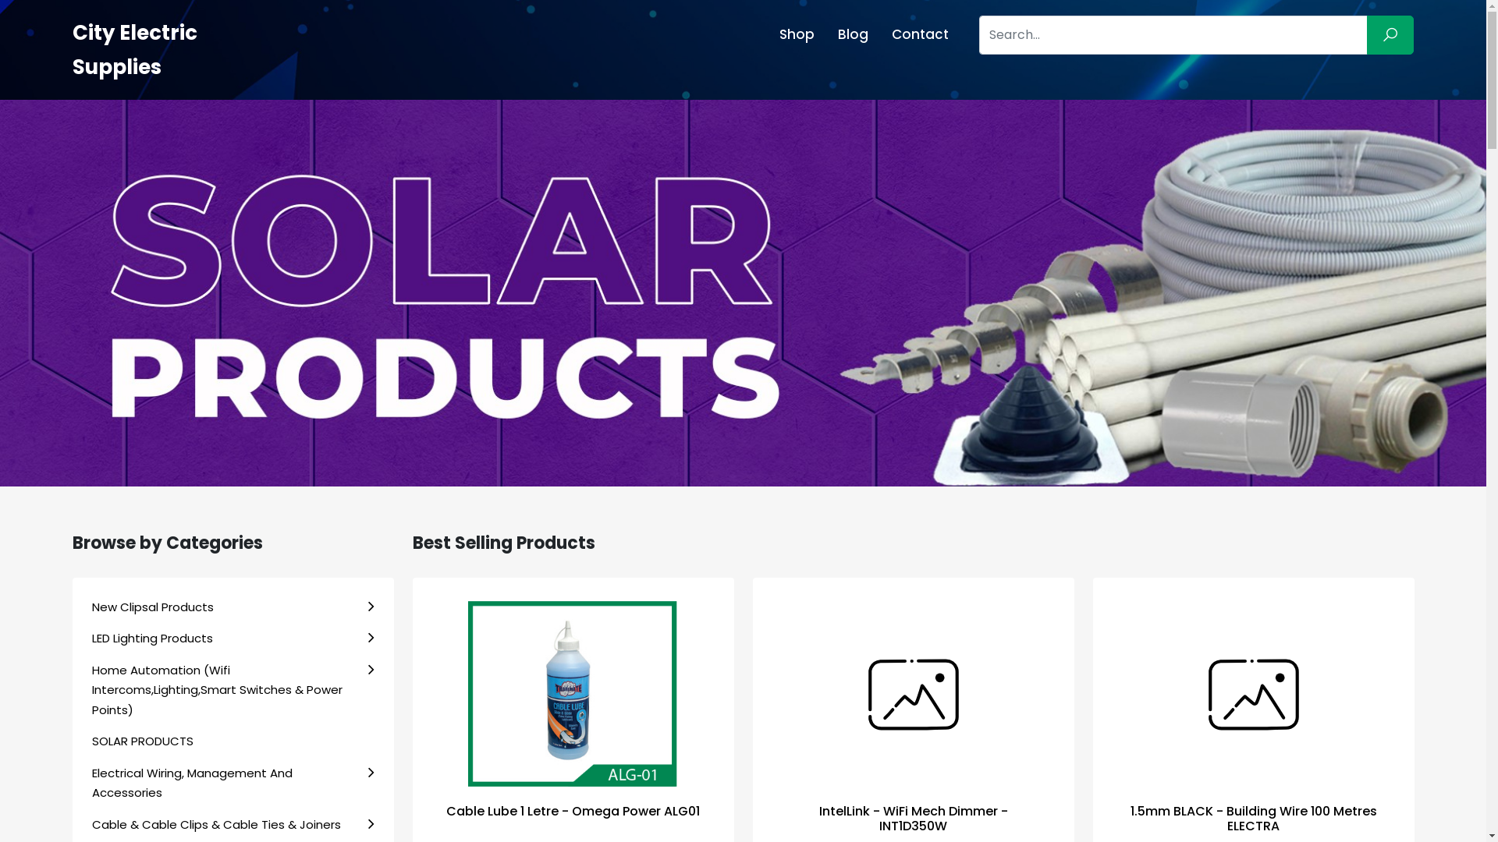 This screenshot has height=842, width=1498. What do you see at coordinates (232, 741) in the screenshot?
I see `'SOLAR PRODUCTS'` at bounding box center [232, 741].